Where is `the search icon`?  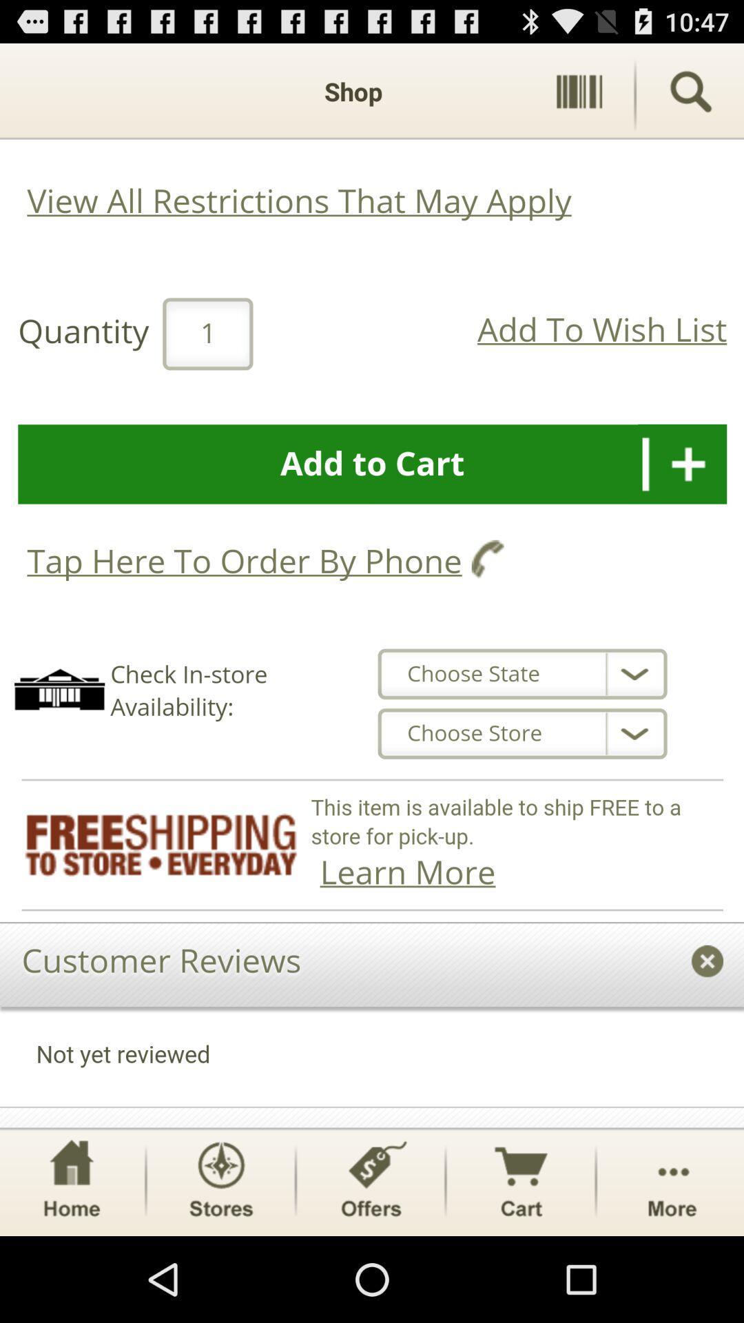 the search icon is located at coordinates (690, 97).